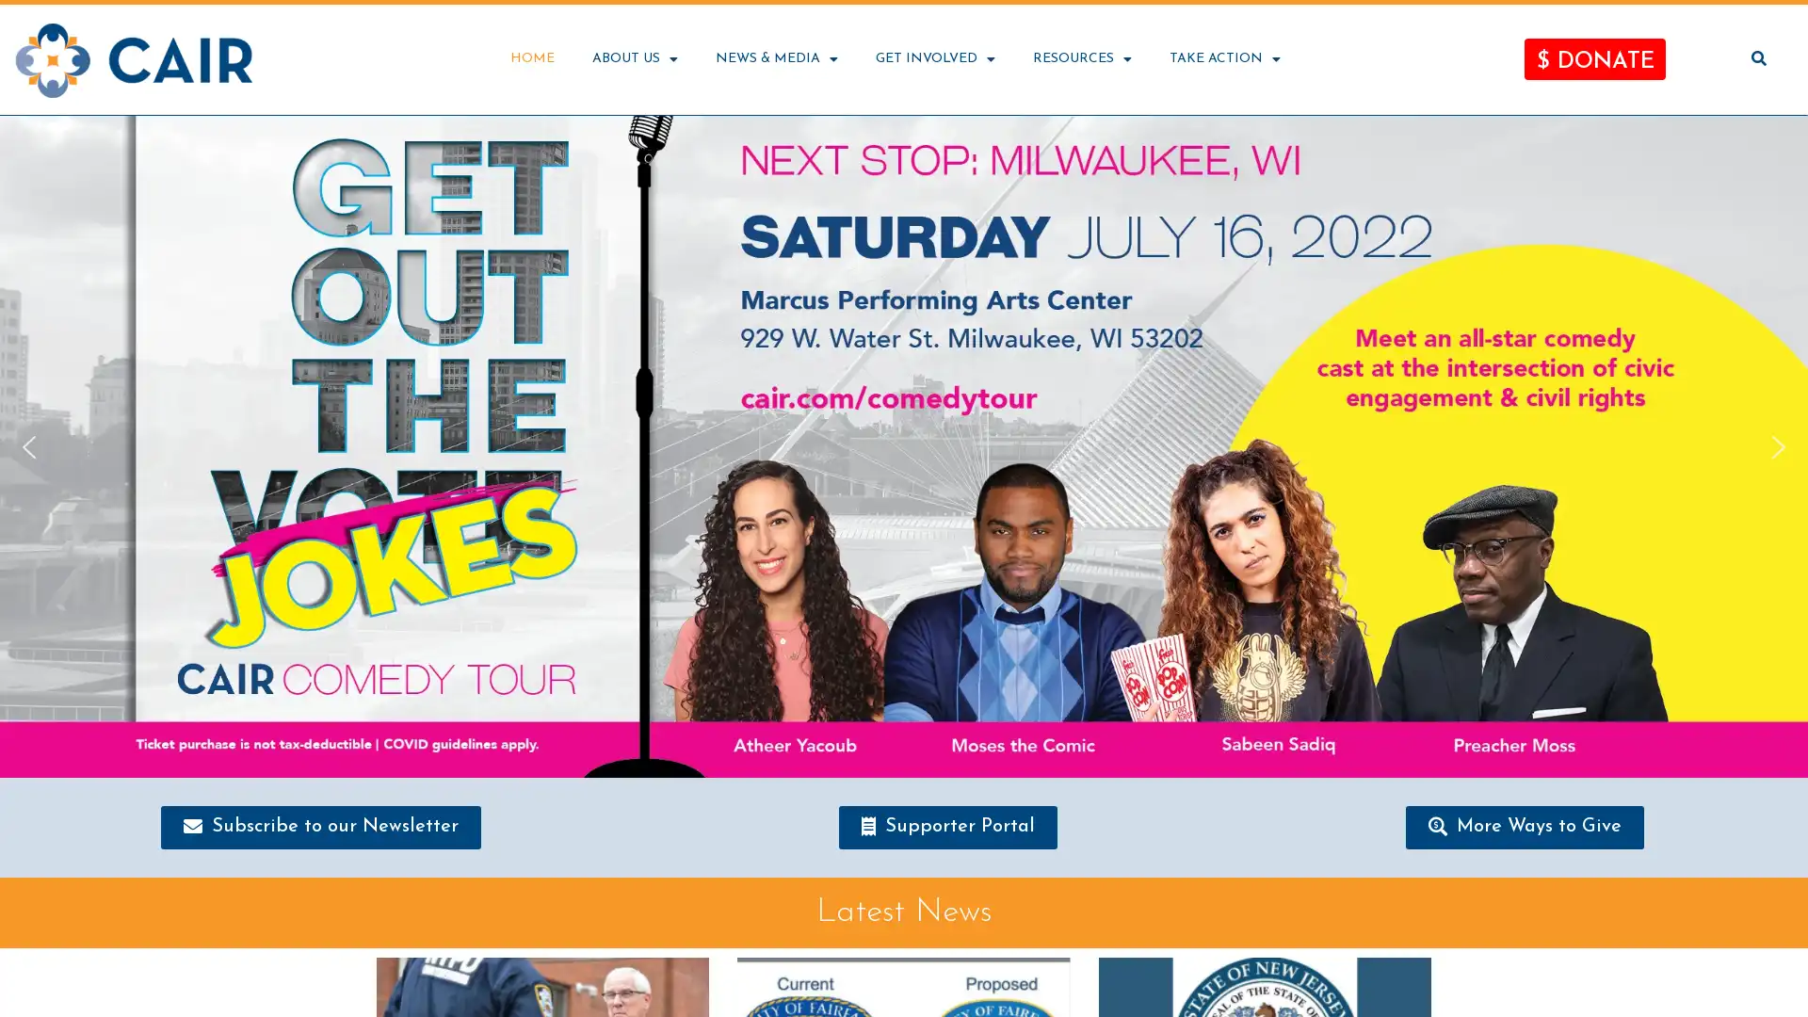 Image resolution: width=1808 pixels, height=1017 pixels. What do you see at coordinates (1593, 57) in the screenshot?
I see `$ DONATE` at bounding box center [1593, 57].